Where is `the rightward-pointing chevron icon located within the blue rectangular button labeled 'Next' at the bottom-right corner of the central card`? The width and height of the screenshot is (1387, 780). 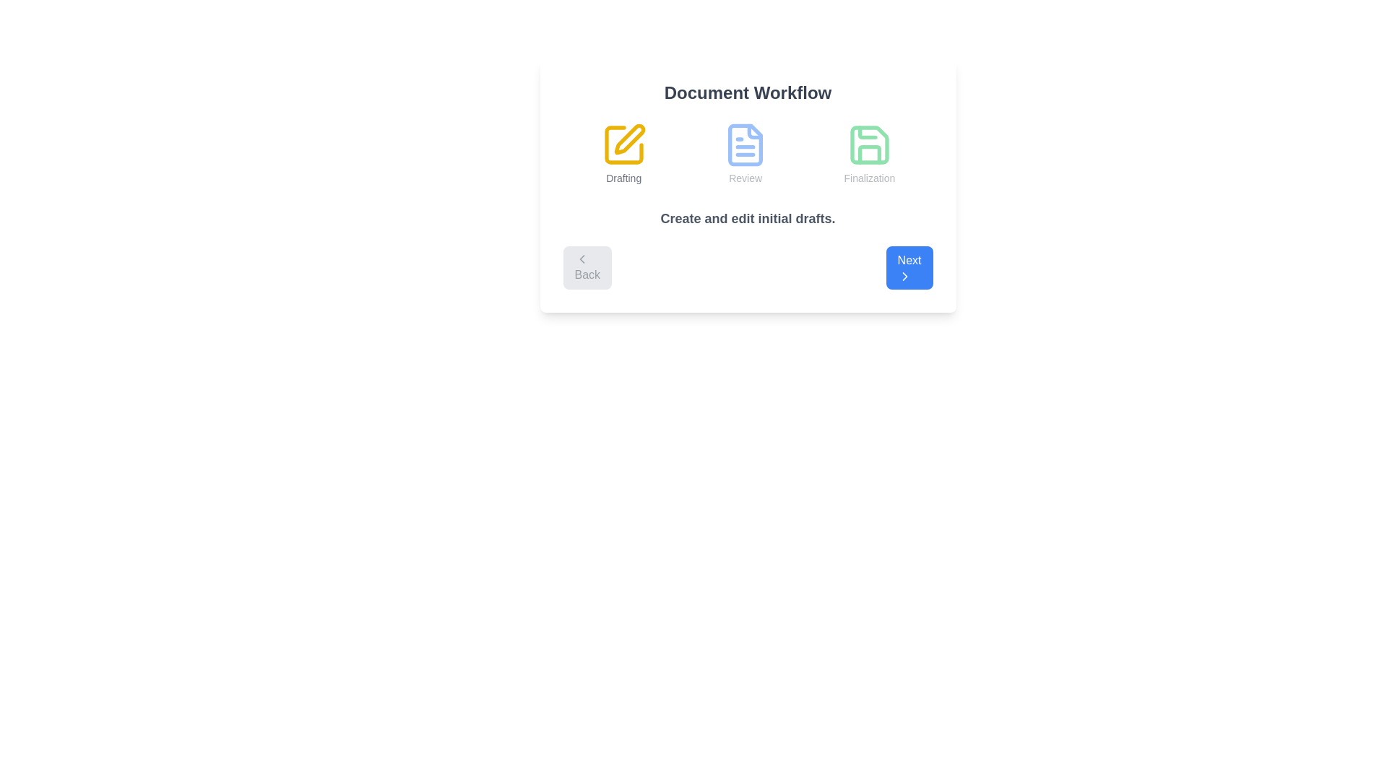 the rightward-pointing chevron icon located within the blue rectangular button labeled 'Next' at the bottom-right corner of the central card is located at coordinates (904, 276).